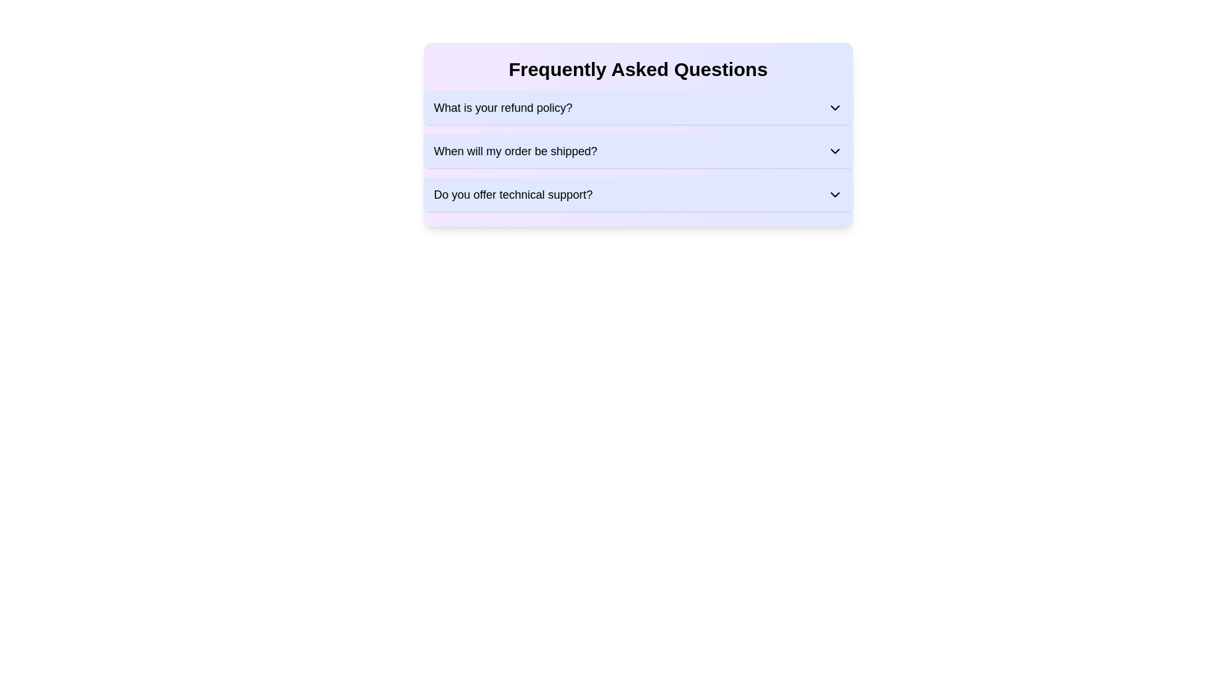  I want to click on the downward-pointing chevron icon located to the right of the text 'What is your refund policy?' in the first row of the FAQ section, so click(835, 107).